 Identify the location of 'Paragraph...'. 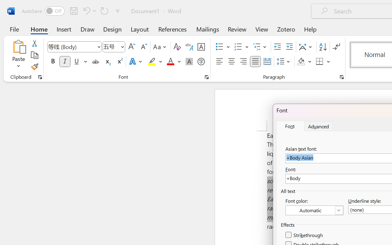
(341, 77).